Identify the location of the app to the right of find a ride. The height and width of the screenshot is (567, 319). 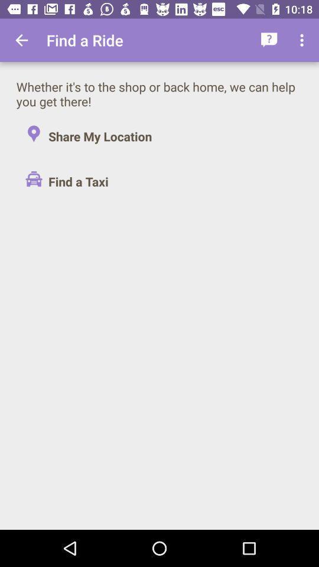
(269, 40).